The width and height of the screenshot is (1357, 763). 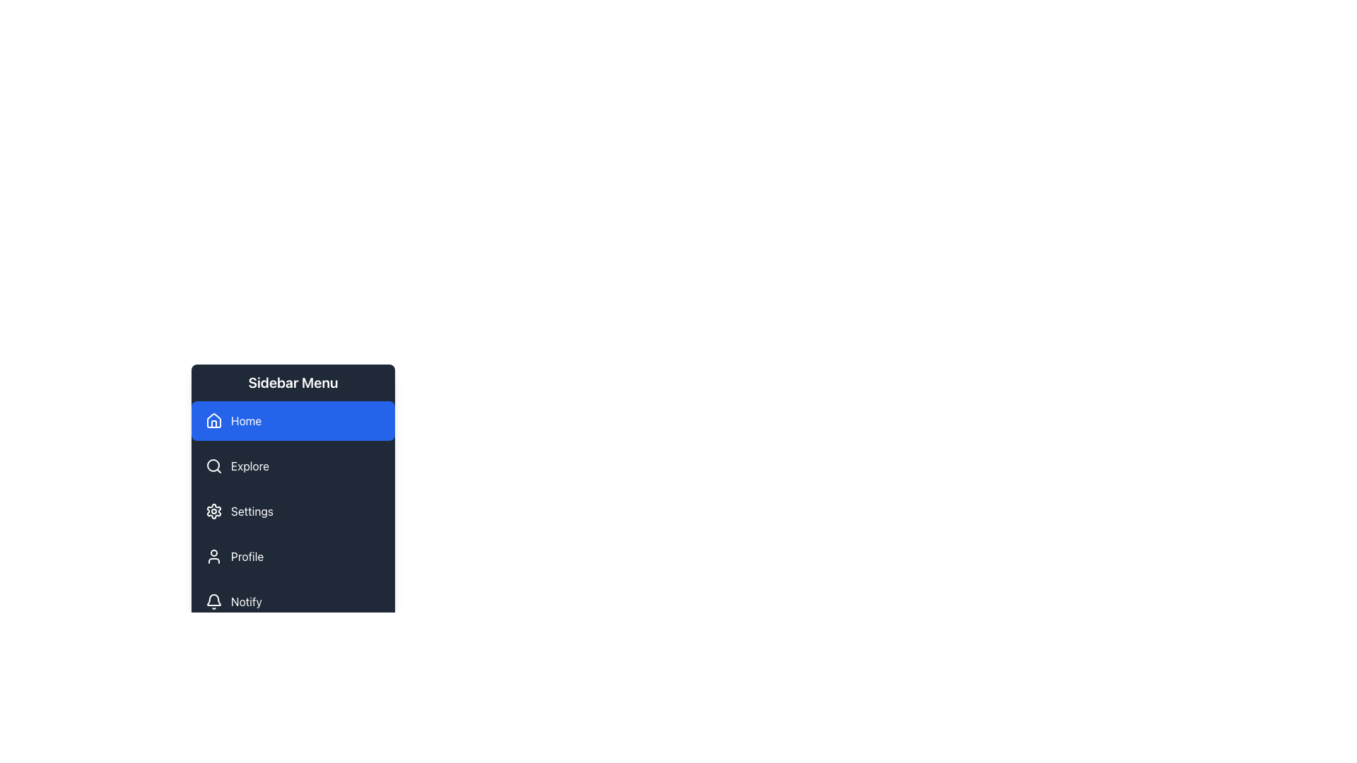 I want to click on the 'Settings' menu item in the sidebar to trigger focus or styling changes, so click(x=292, y=511).